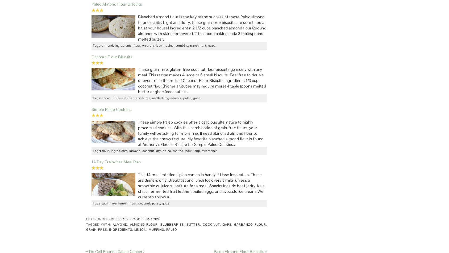 This screenshot has height=253, width=449. What do you see at coordinates (144, 224) in the screenshot?
I see `'almond flour'` at bounding box center [144, 224].